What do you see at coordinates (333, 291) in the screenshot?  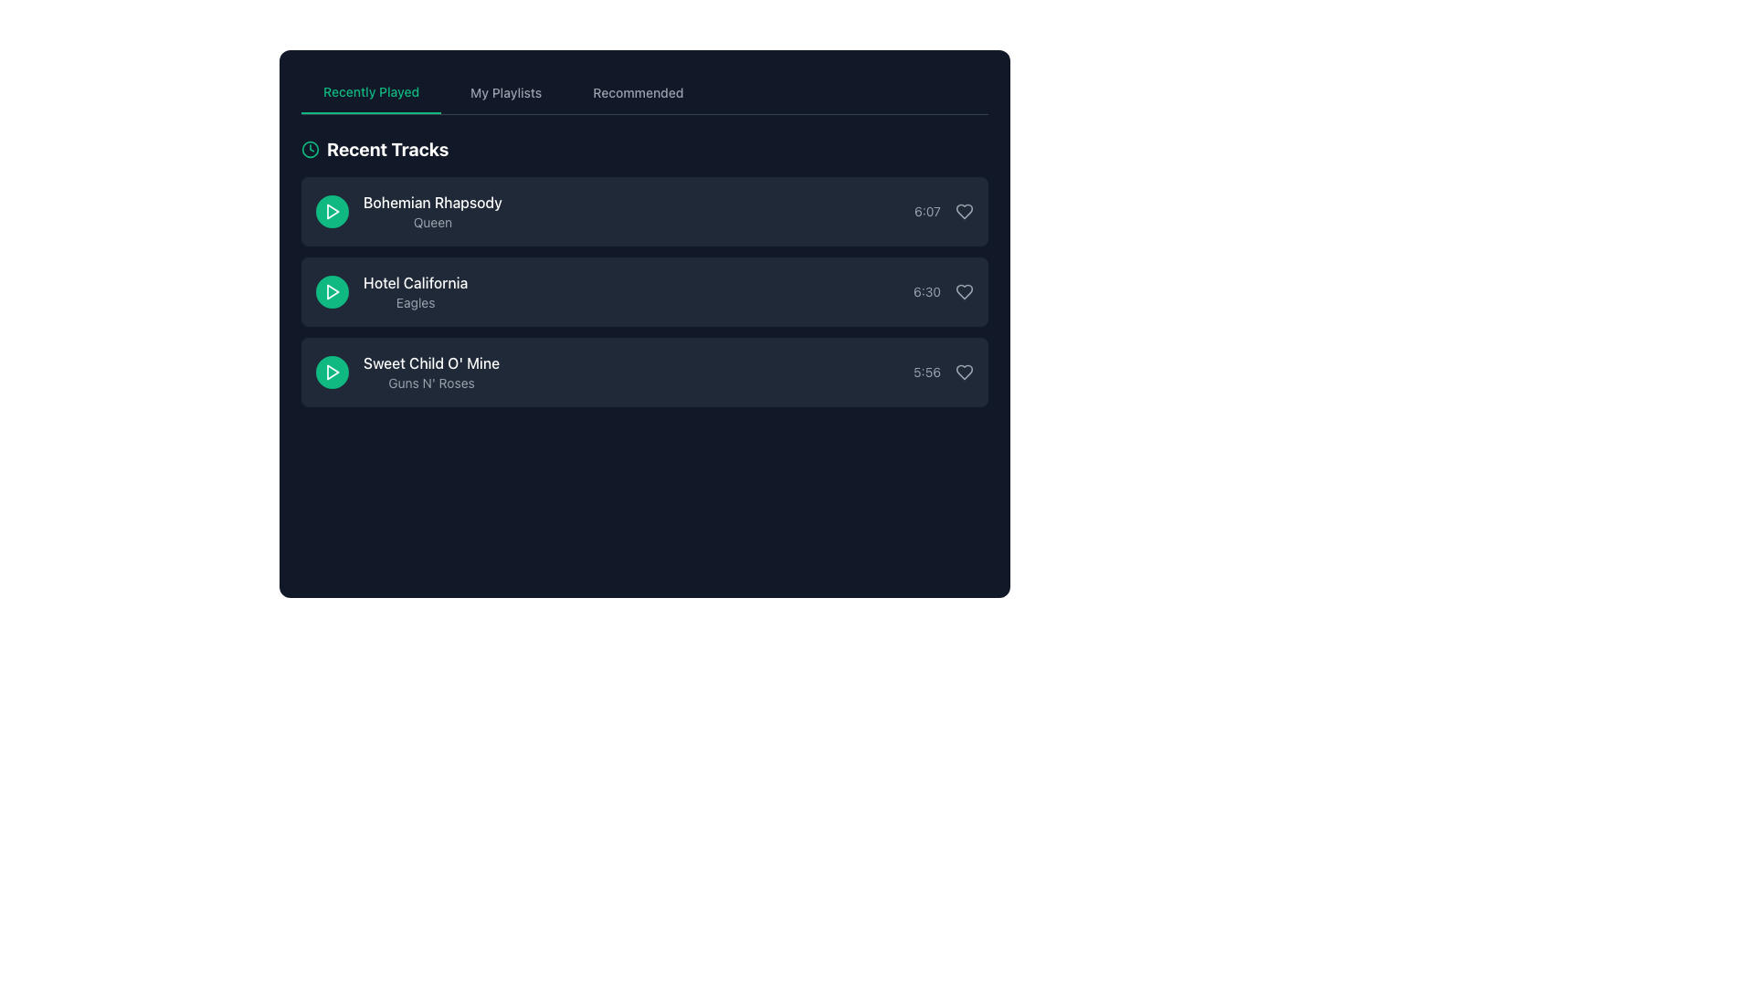 I see `the triangular play button icon contained within a circular green background, located next to the track titled 'Hotel California' by the Eagles` at bounding box center [333, 291].